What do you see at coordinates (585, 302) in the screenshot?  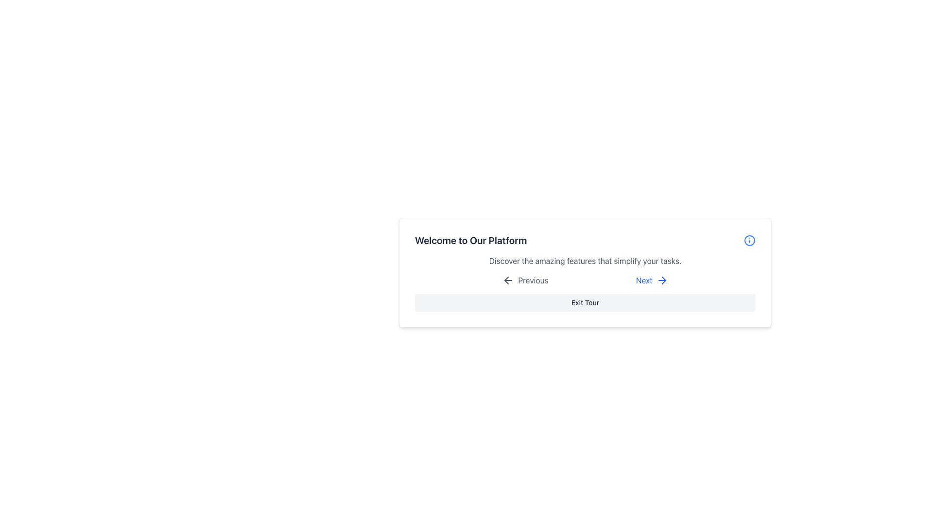 I see `the 'Exit Tour' button located at the bottom center of the popup section to terminate the guided feature tour` at bounding box center [585, 302].